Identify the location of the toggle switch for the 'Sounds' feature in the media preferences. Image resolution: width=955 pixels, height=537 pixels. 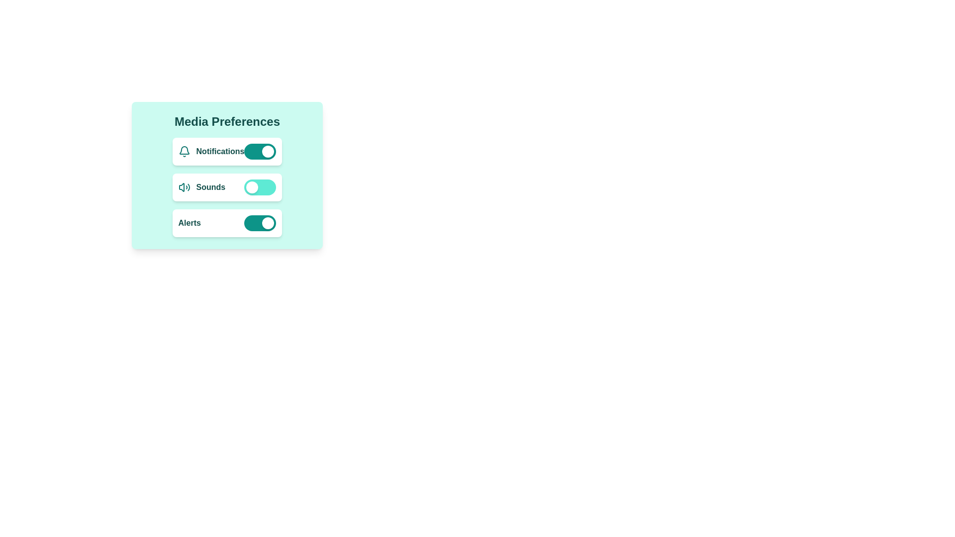
(260, 187).